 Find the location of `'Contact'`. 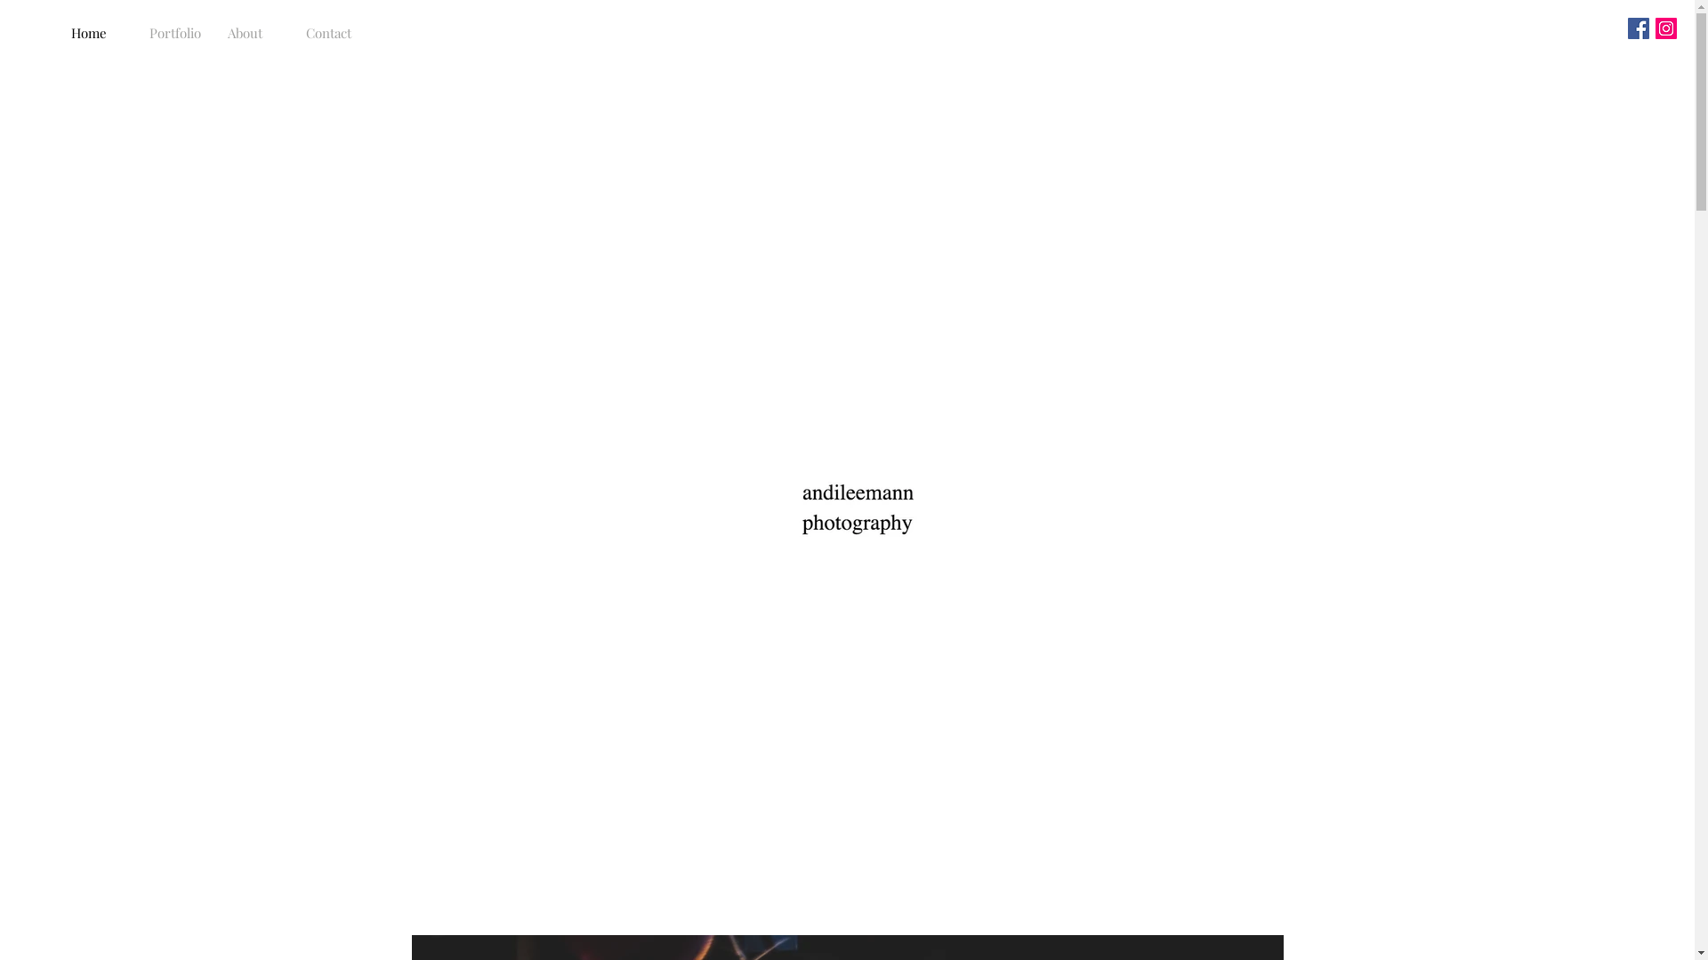

'Contact' is located at coordinates (332, 33).